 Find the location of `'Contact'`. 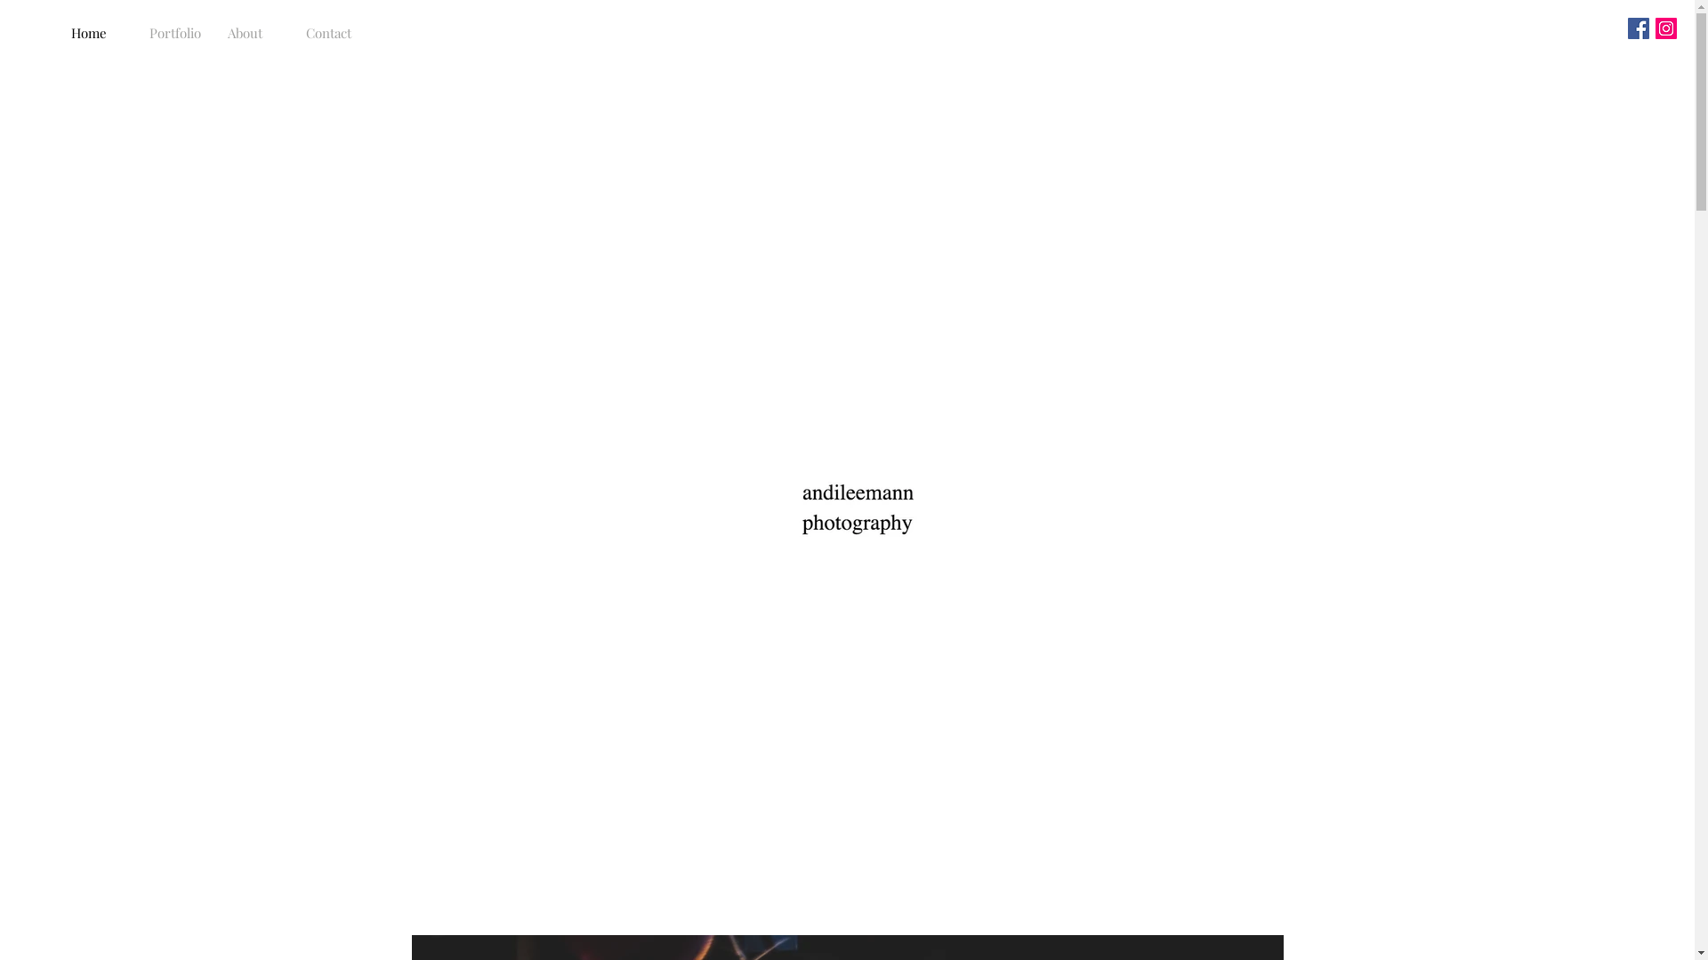

'Contact' is located at coordinates (332, 33).